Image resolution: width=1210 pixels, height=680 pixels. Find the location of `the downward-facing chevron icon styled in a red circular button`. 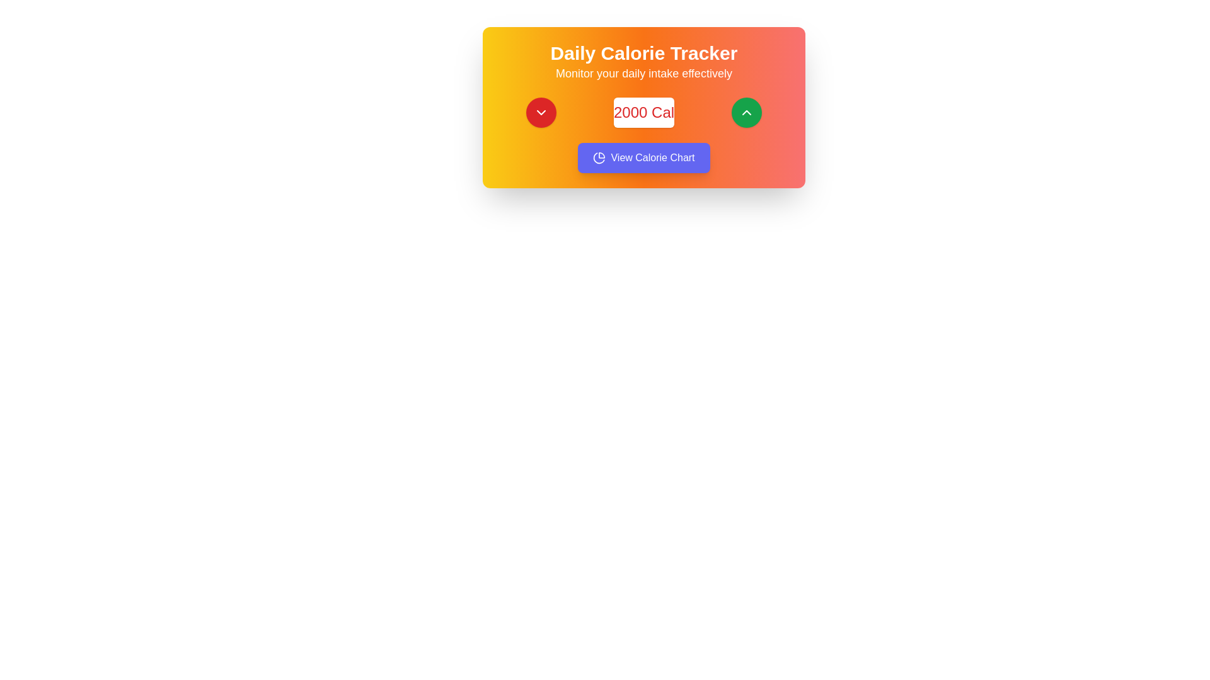

the downward-facing chevron icon styled in a red circular button is located at coordinates (541, 111).